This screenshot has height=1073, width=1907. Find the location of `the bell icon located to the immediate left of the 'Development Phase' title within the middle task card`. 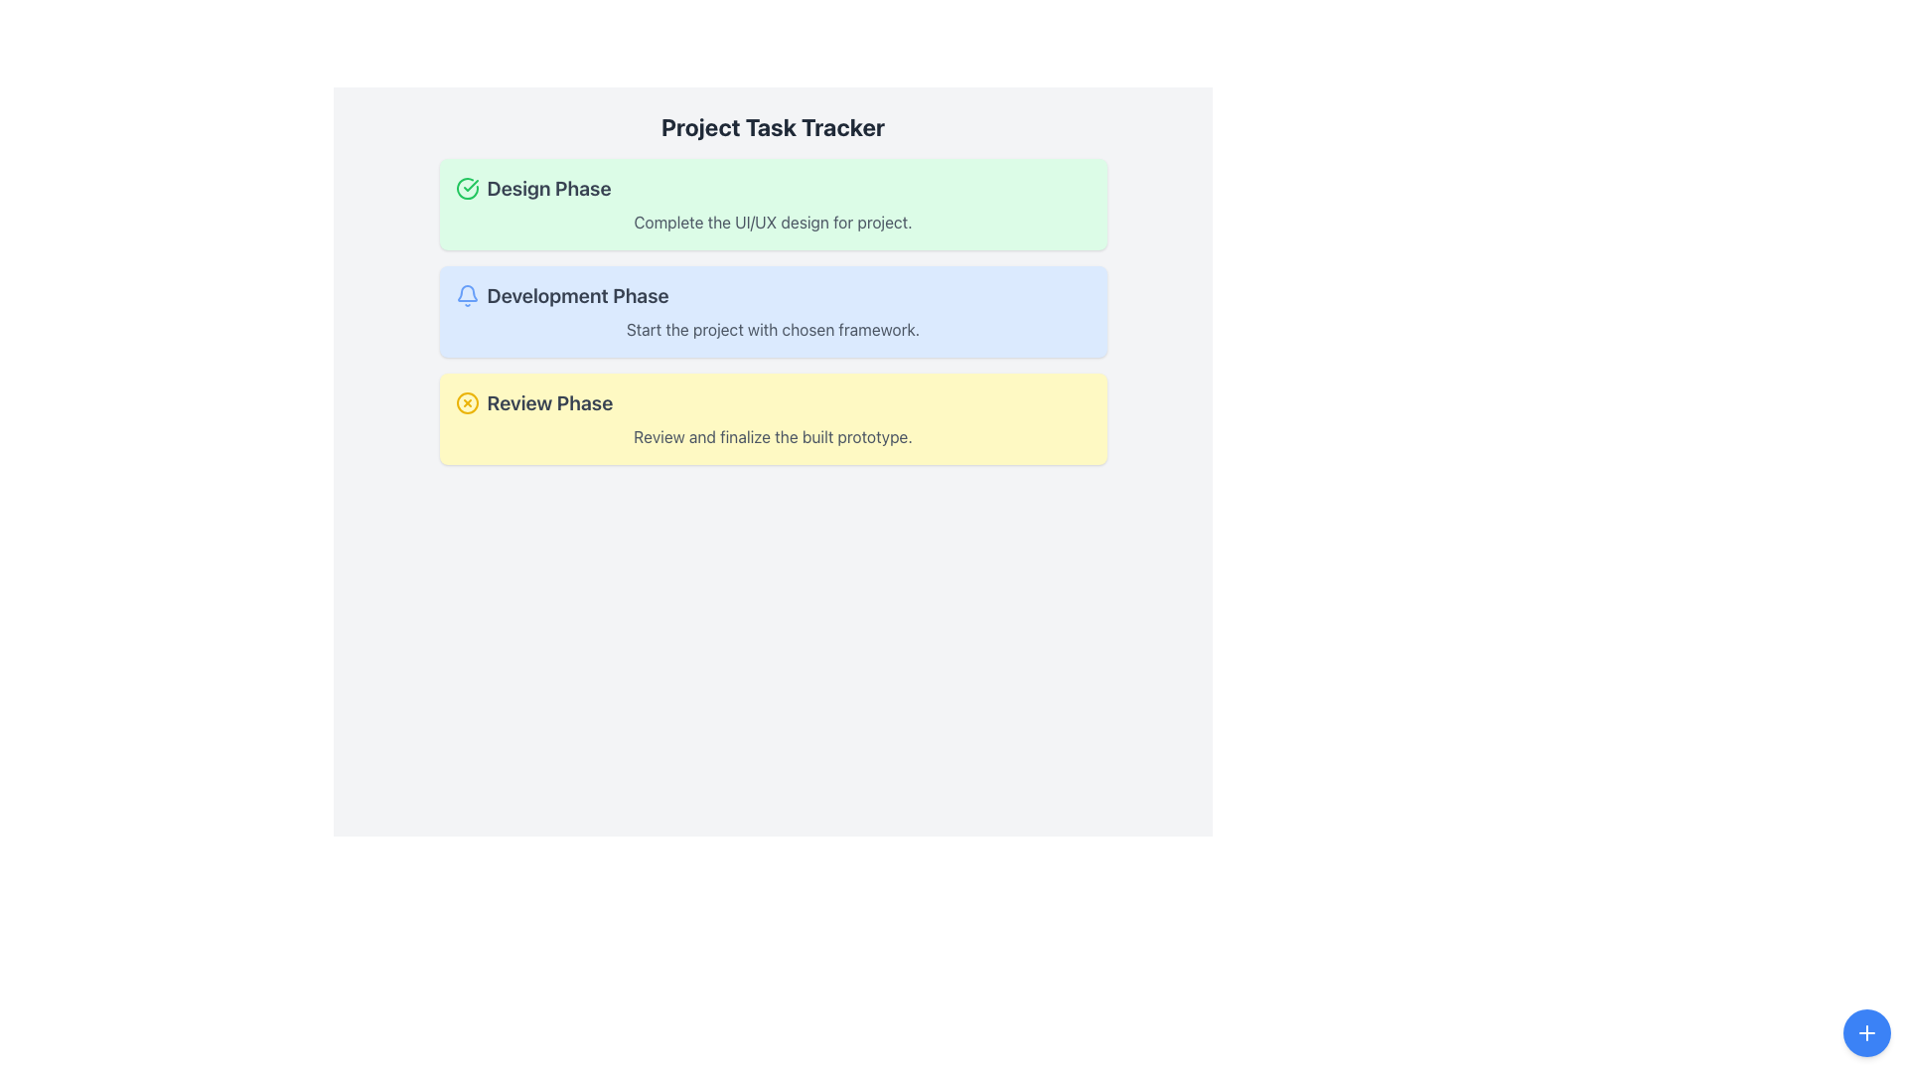

the bell icon located to the immediate left of the 'Development Phase' title within the middle task card is located at coordinates (466, 295).